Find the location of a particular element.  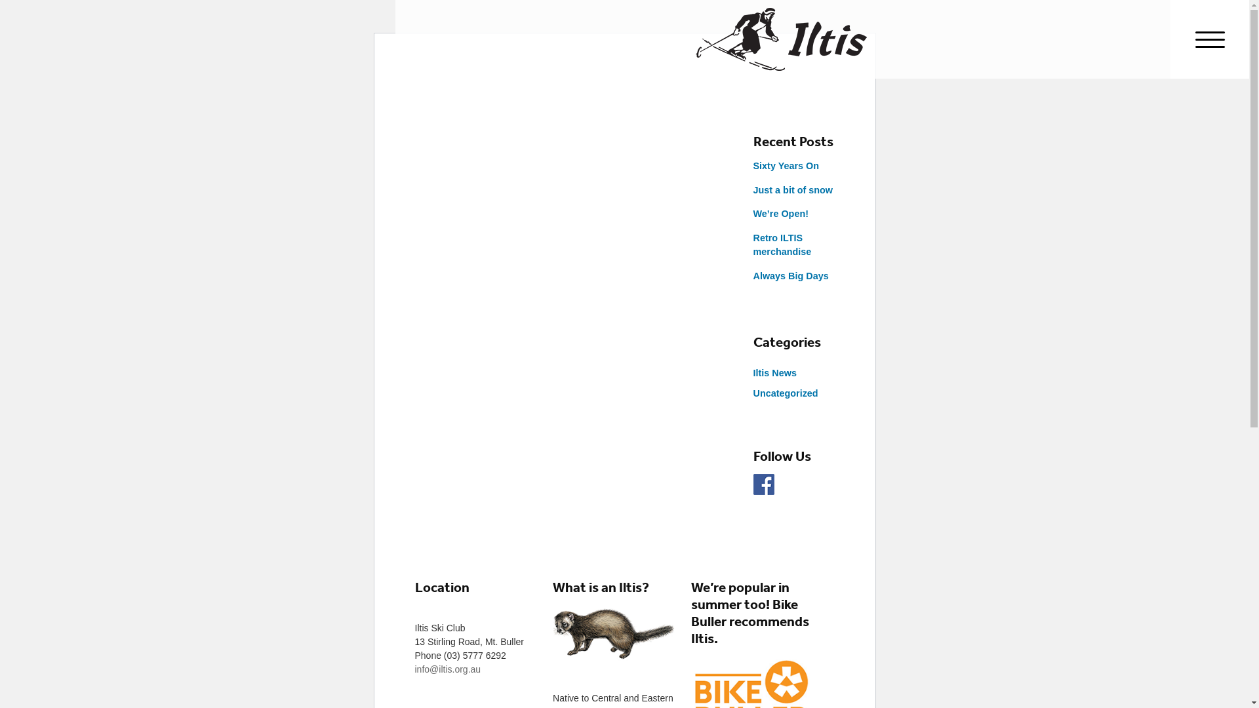

'Uncategorized' is located at coordinates (785, 393).